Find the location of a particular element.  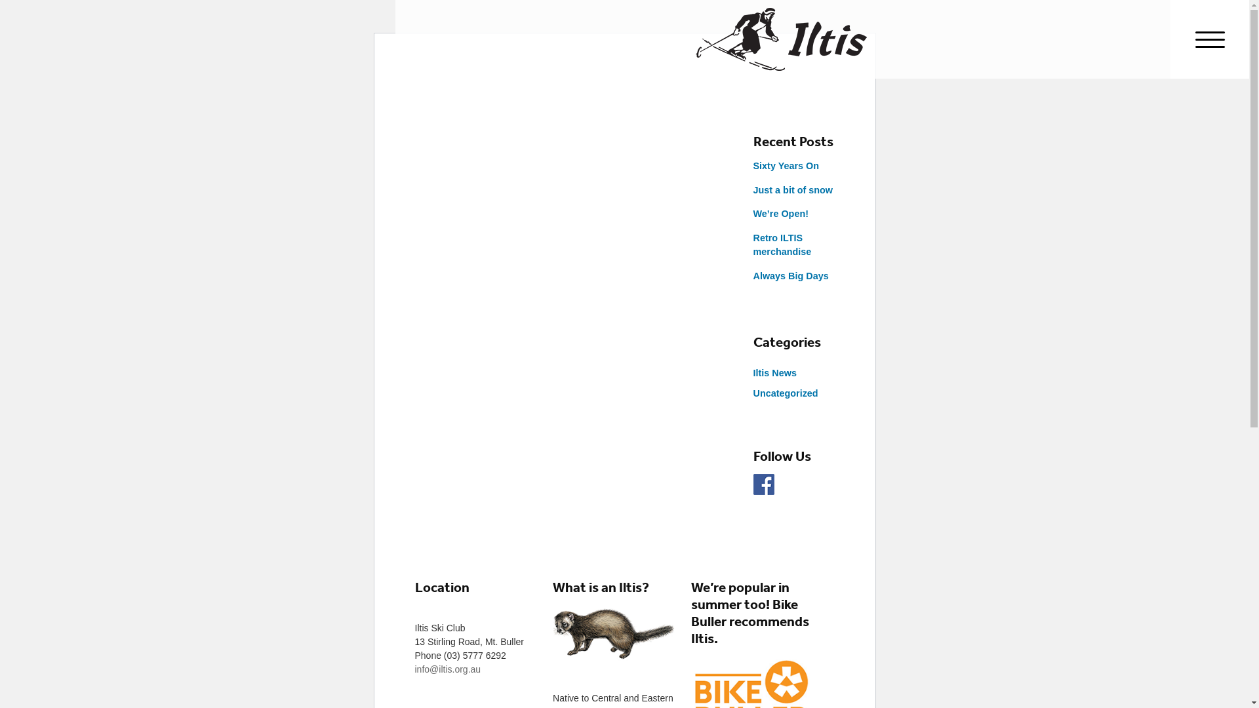

'Uncategorized' is located at coordinates (785, 393).